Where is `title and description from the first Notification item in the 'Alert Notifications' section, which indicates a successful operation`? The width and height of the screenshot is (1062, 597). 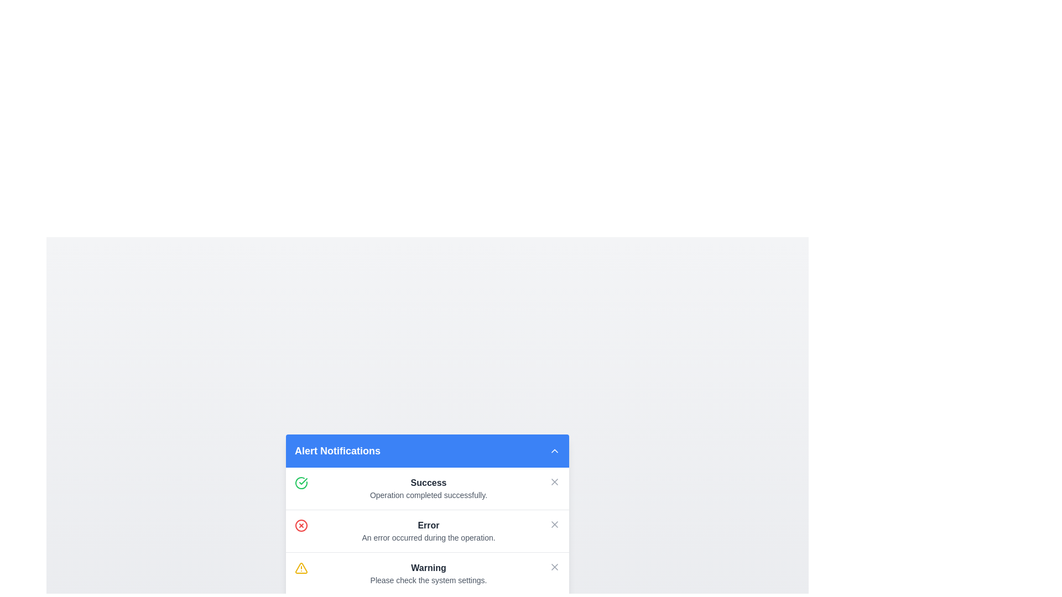 title and description from the first Notification item in the 'Alert Notifications' section, which indicates a successful operation is located at coordinates (428, 488).